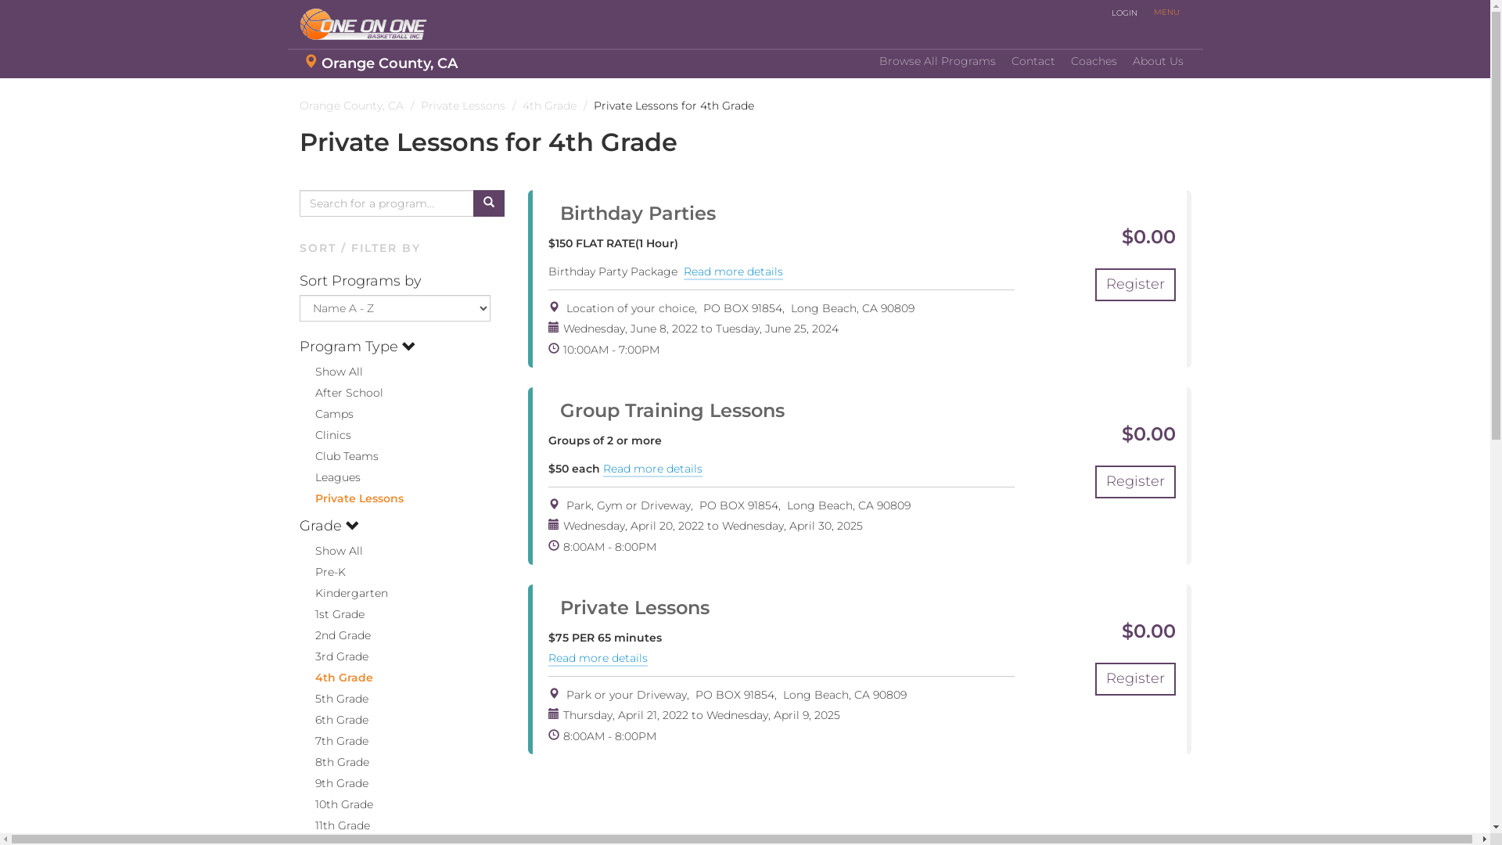 The height and width of the screenshot is (845, 1502). Describe the element at coordinates (332, 720) in the screenshot. I see `'6th Grade'` at that location.